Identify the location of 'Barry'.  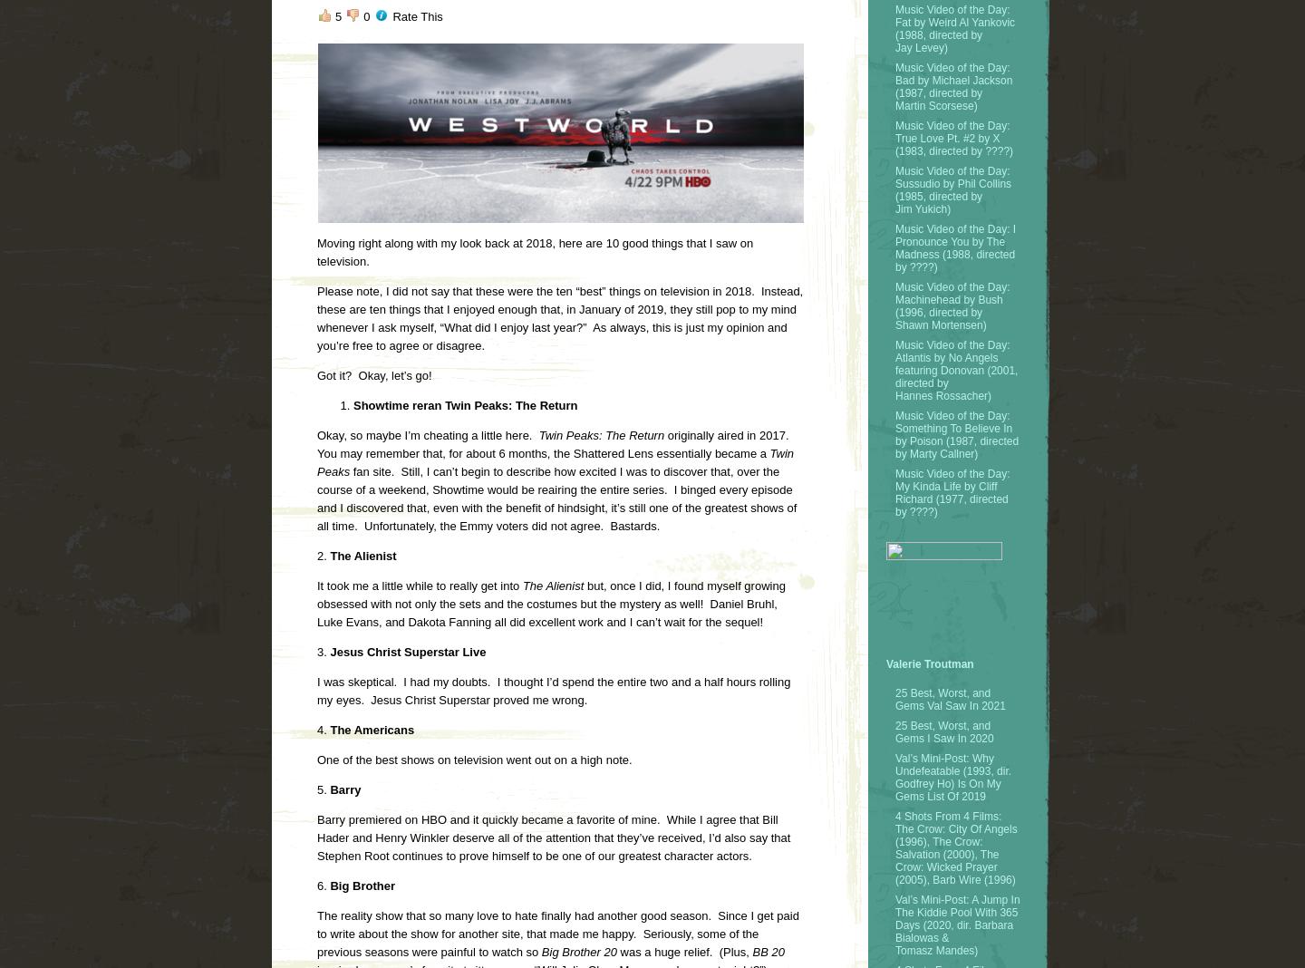
(343, 789).